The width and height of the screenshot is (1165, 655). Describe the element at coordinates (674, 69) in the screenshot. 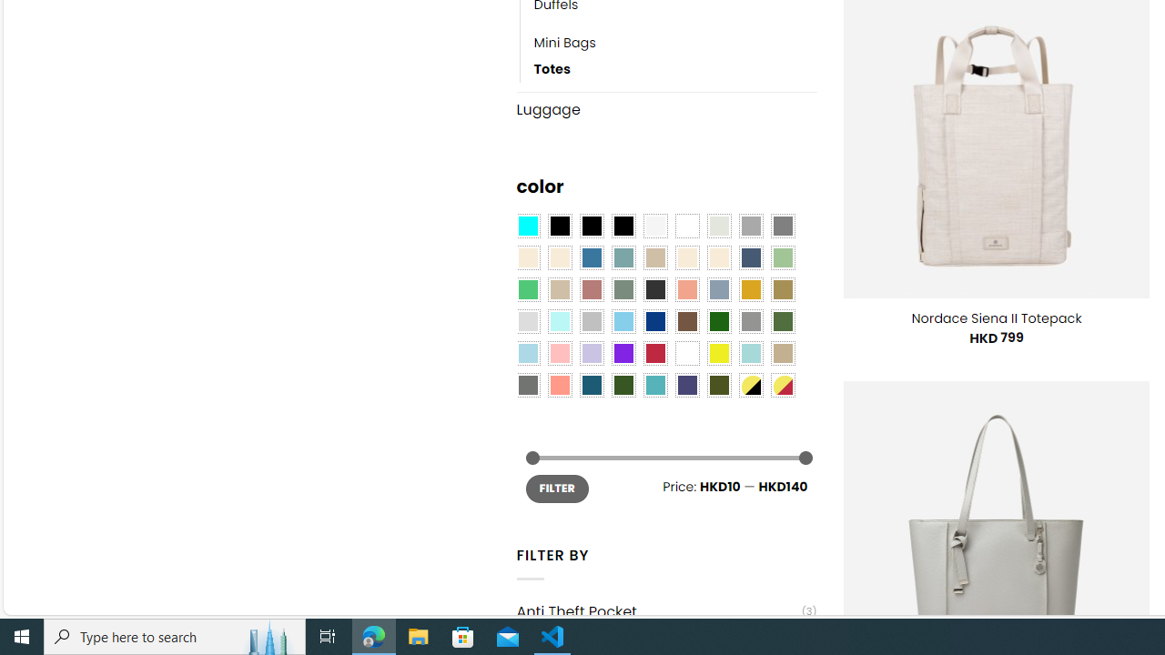

I see `'Totes'` at that location.